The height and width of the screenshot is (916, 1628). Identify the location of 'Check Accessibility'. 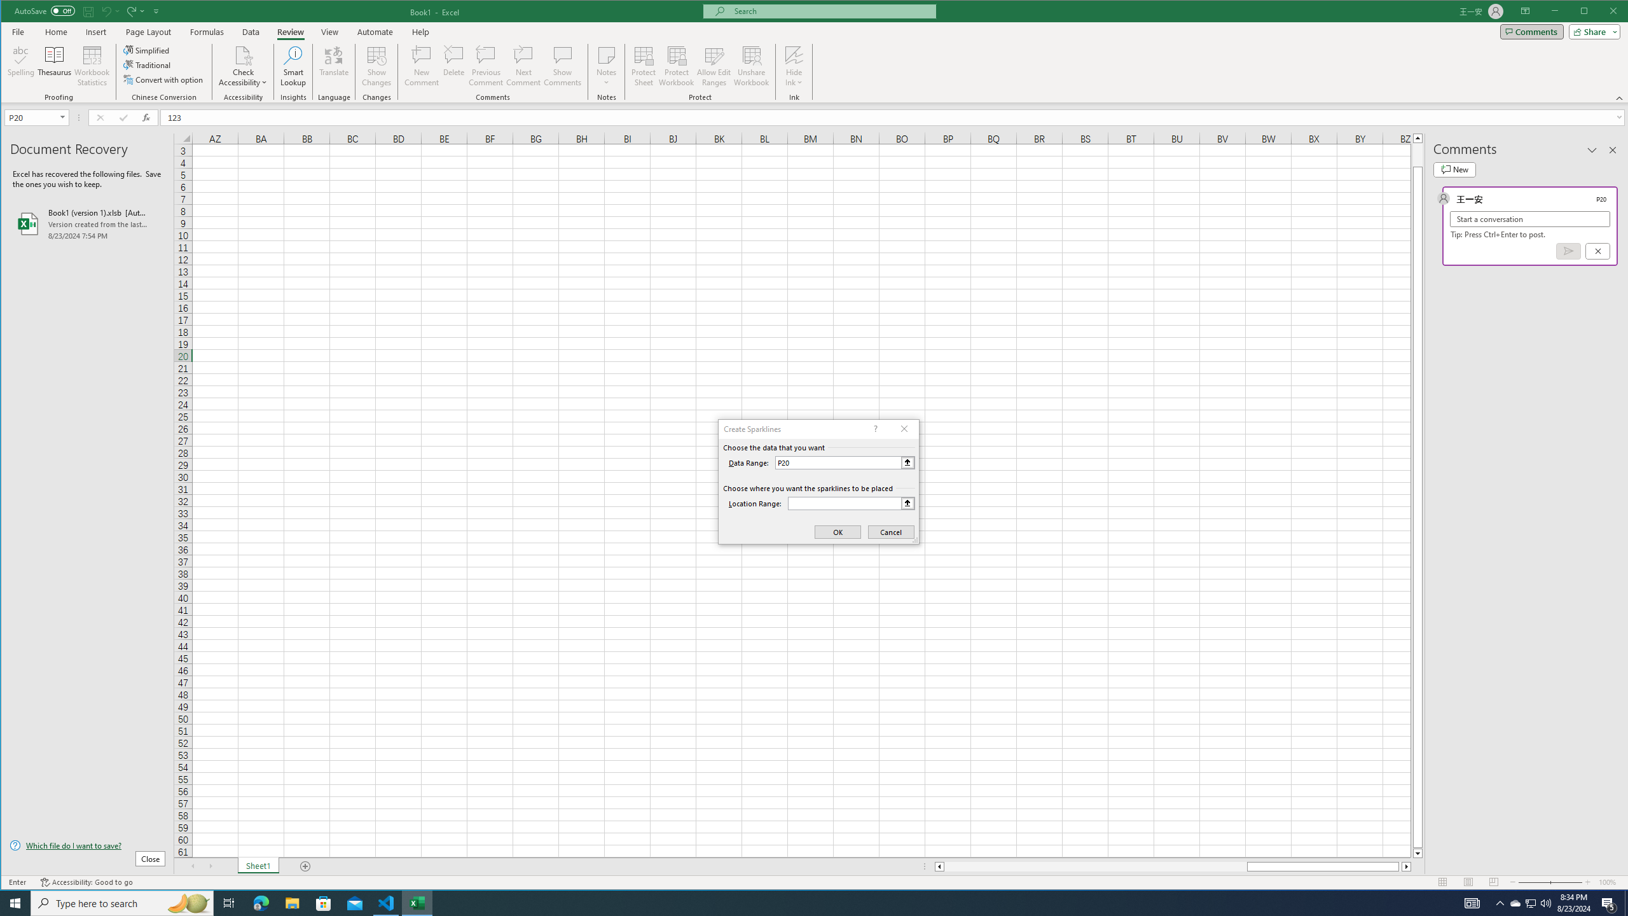
(243, 54).